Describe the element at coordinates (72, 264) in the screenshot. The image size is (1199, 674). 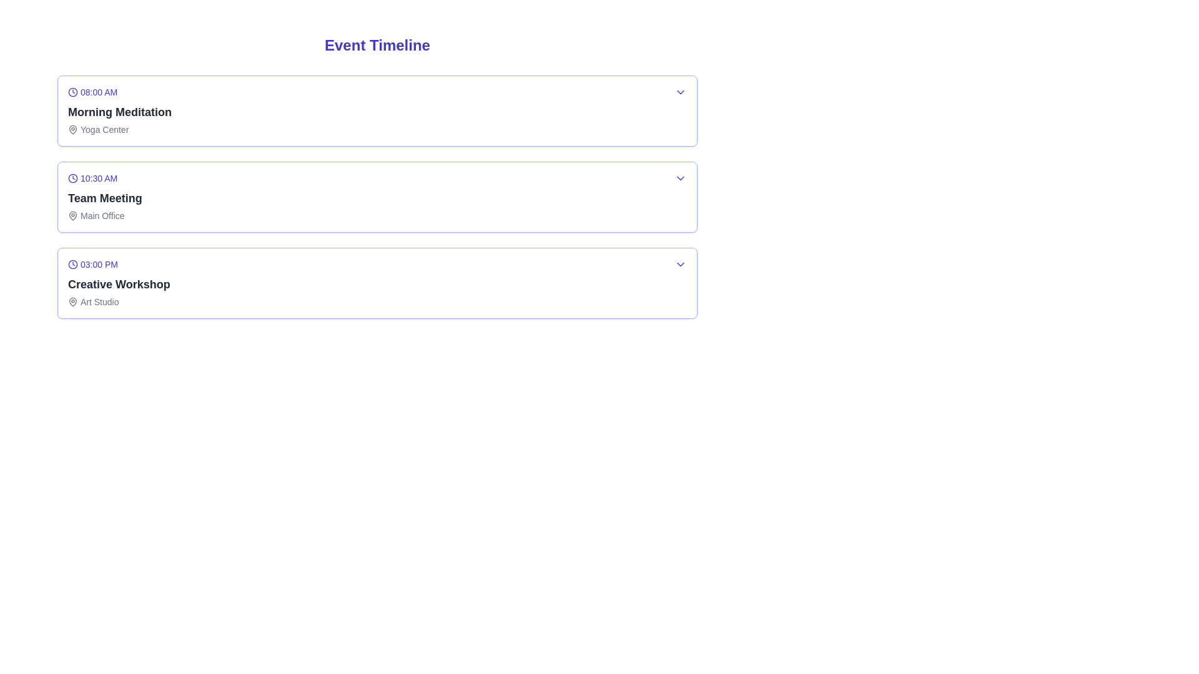
I see `the circular graphical element representing the boundary for the clock face in the clock icon, located to the left of '03:00 PM' and above 'Creative Workshop' in the third event card` at that location.